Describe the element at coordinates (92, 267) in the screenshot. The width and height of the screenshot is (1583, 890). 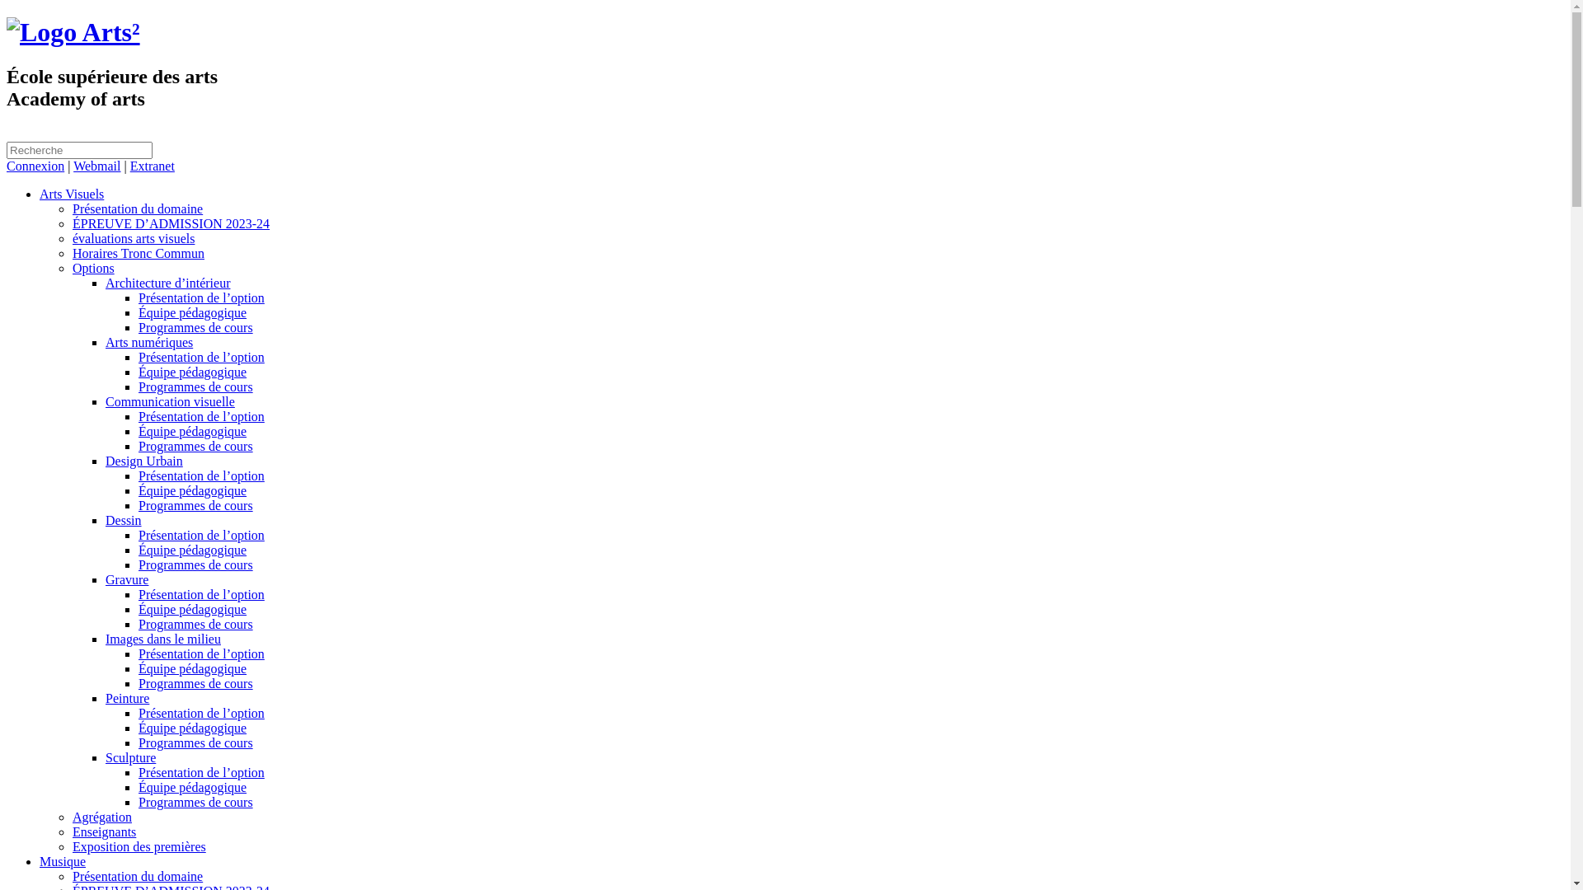
I see `'Options'` at that location.